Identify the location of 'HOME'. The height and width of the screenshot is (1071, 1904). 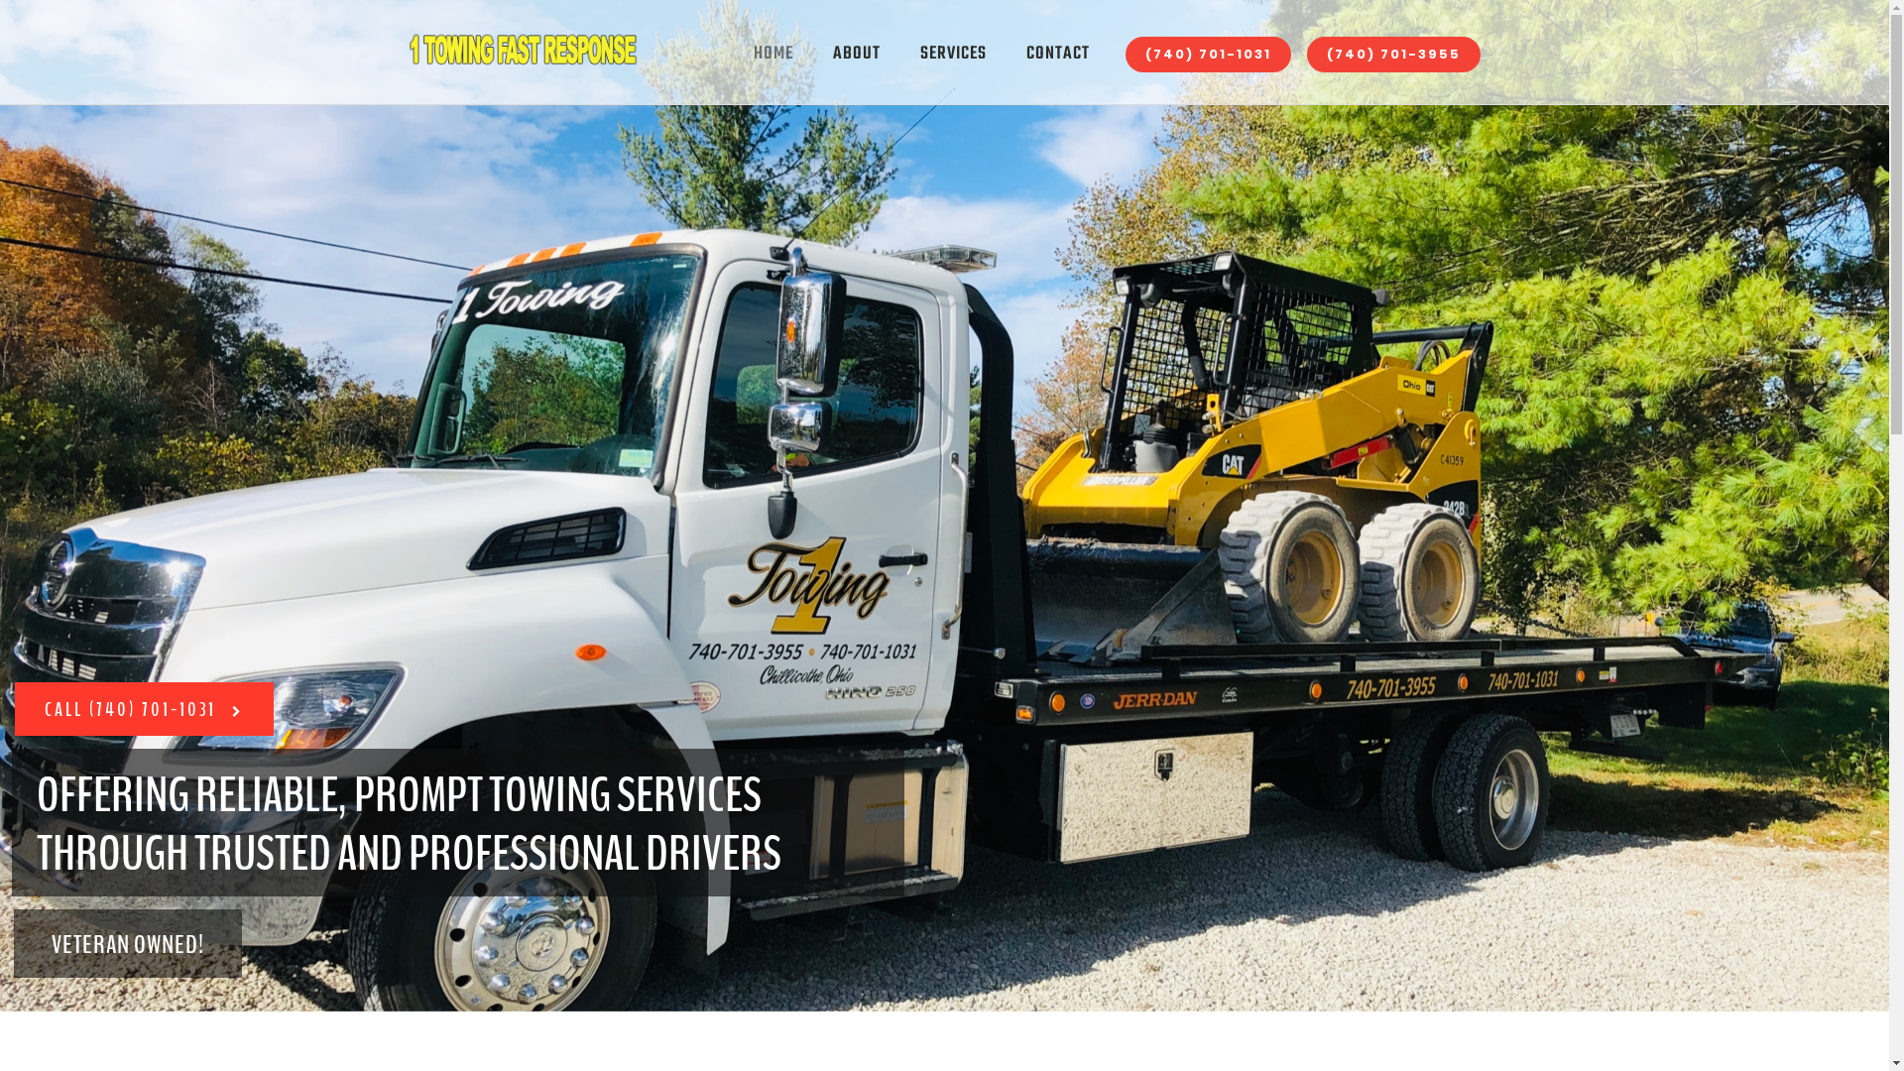
(772, 53).